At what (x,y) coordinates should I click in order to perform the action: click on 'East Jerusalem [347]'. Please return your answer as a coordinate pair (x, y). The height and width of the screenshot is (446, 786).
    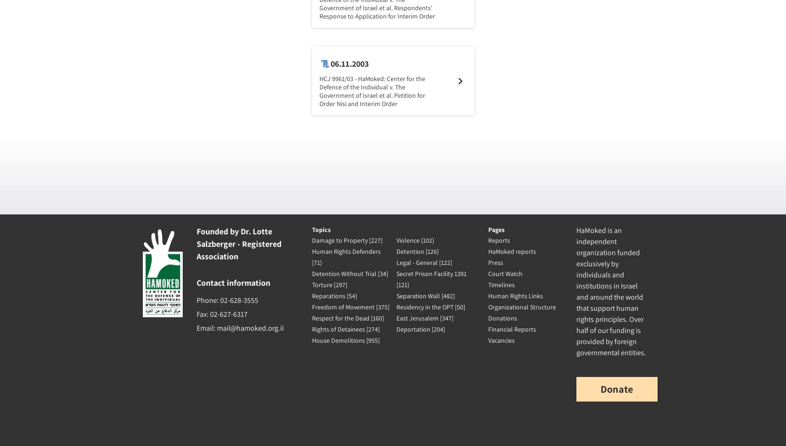
    Looking at the image, I should click on (424, 318).